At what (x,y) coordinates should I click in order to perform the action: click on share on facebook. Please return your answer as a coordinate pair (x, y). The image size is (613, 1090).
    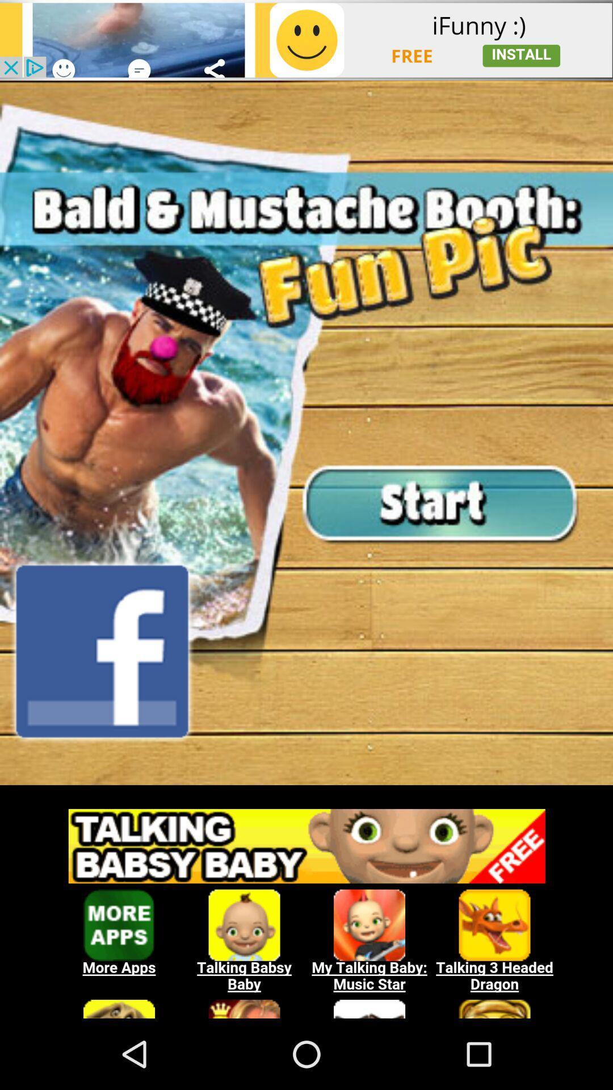
    Looking at the image, I should click on (102, 651).